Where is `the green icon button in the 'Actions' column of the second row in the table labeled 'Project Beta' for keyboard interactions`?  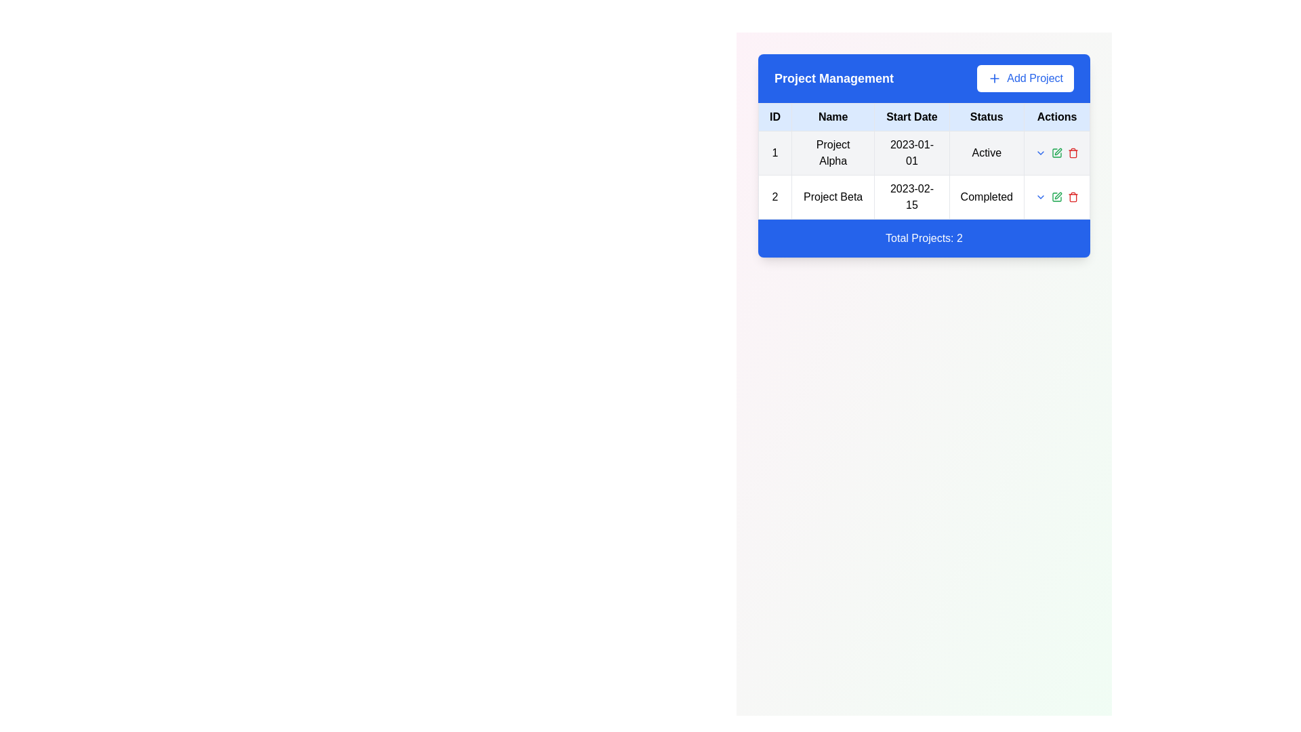
the green icon button in the 'Actions' column of the second row in the table labeled 'Project Beta' for keyboard interactions is located at coordinates (1056, 152).